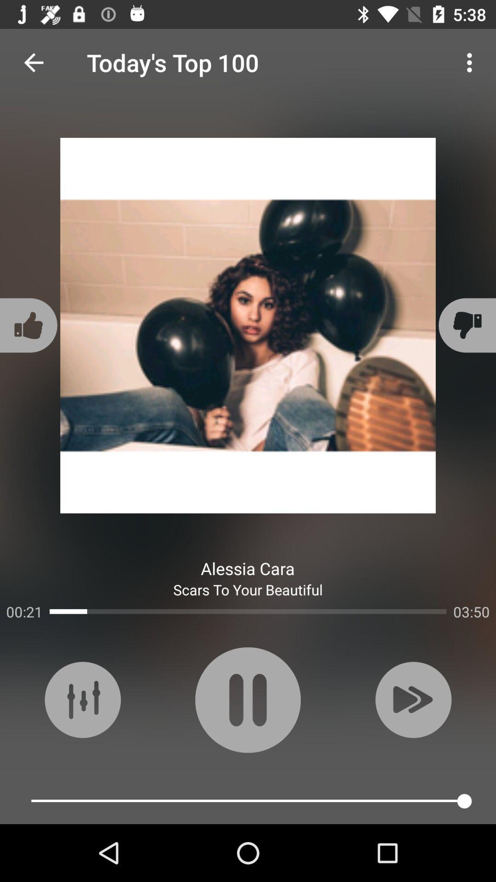 The width and height of the screenshot is (496, 882). I want to click on the icon to the left of today s top icon, so click(33, 62).